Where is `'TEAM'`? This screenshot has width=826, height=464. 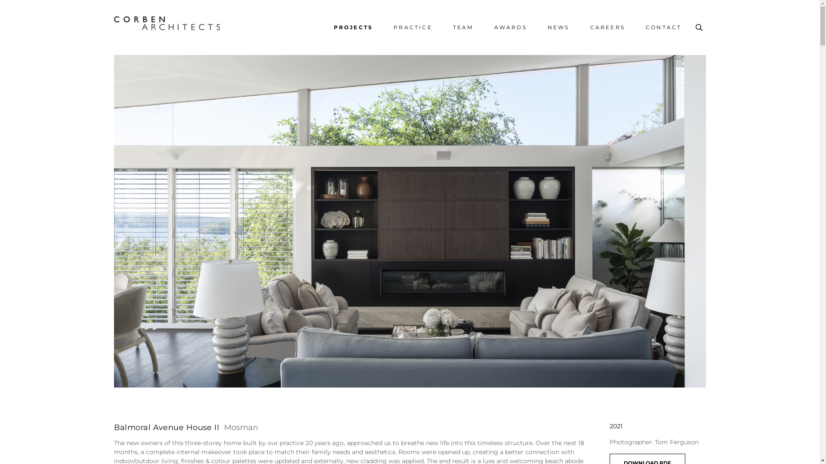 'TEAM' is located at coordinates (462, 27).